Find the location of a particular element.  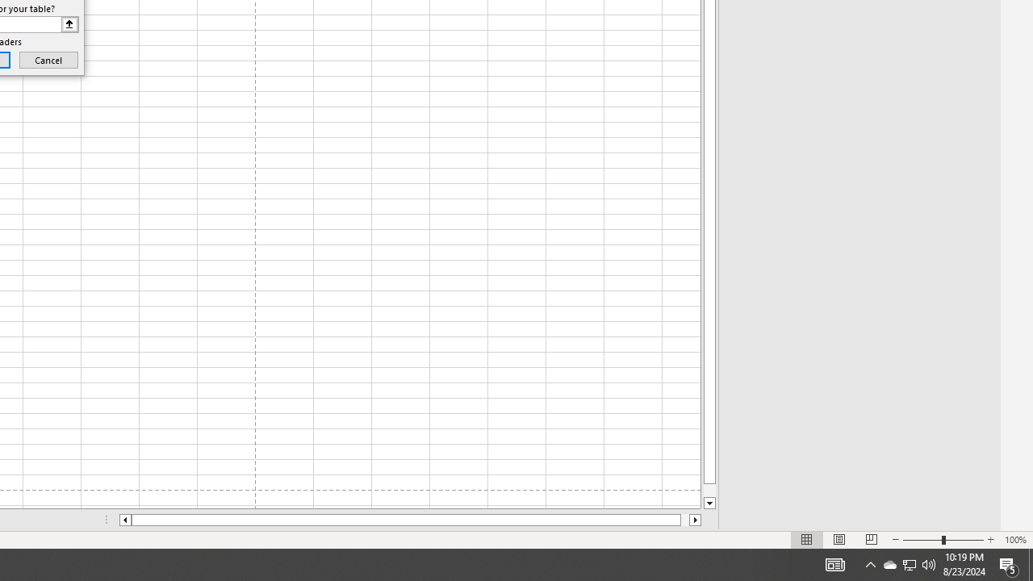

'Normal' is located at coordinates (807, 540).